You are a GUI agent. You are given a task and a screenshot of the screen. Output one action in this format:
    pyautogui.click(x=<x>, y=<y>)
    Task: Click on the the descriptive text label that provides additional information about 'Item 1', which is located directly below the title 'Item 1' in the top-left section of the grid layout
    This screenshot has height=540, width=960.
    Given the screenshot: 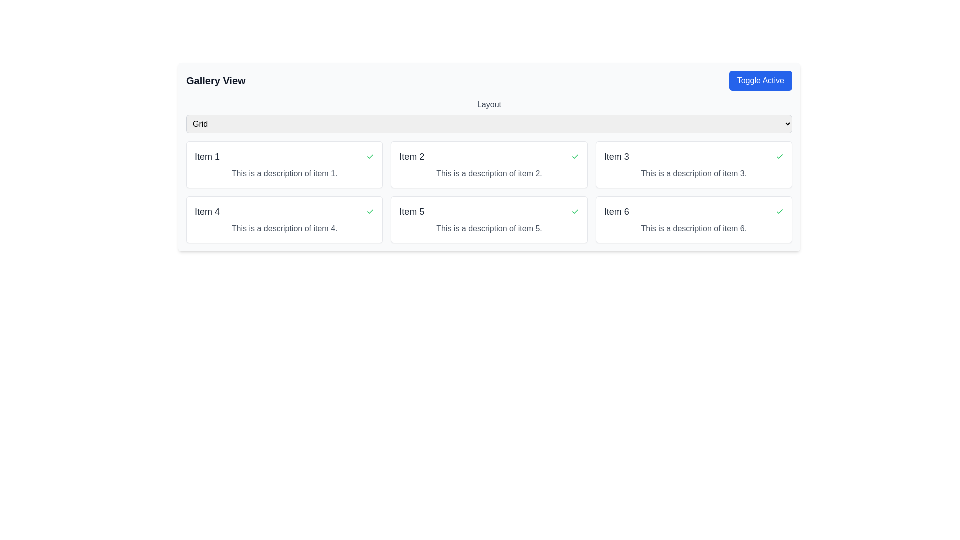 What is the action you would take?
    pyautogui.click(x=284, y=173)
    